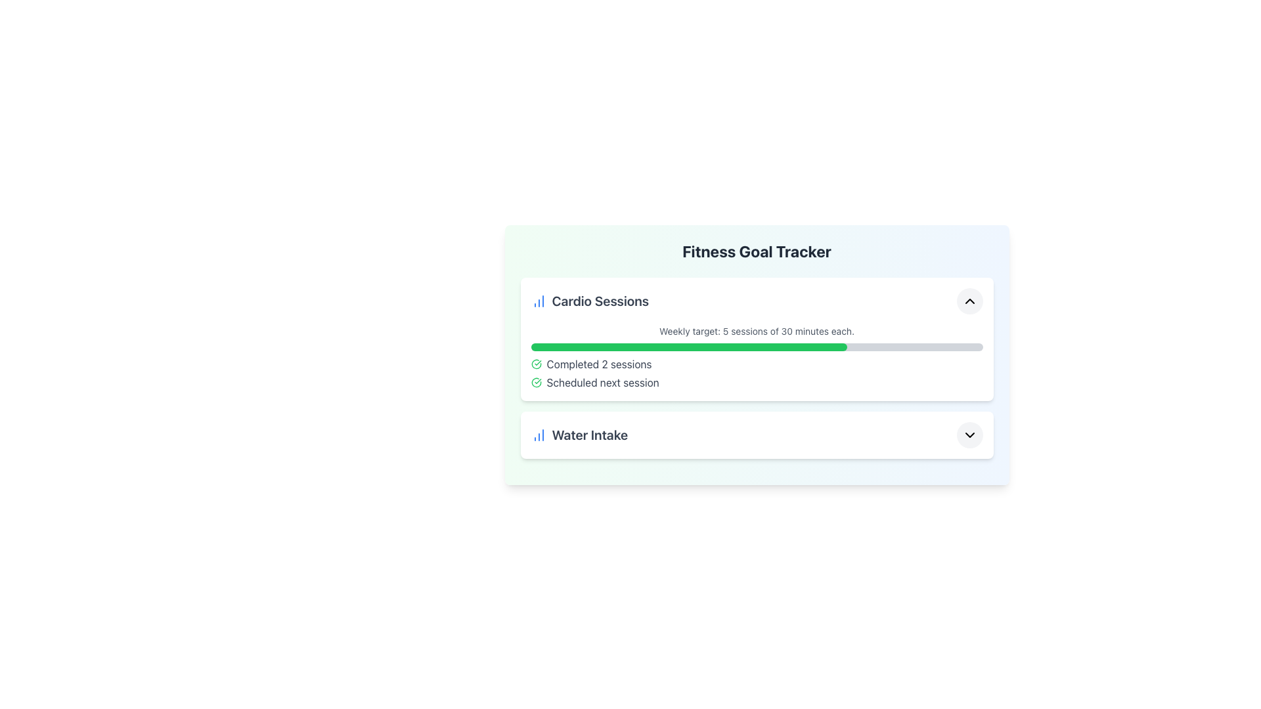 The height and width of the screenshot is (709, 1261). What do you see at coordinates (536, 382) in the screenshot?
I see `the small circular icon with a green checkmark in the 'Scheduled next session' section of 'Cardio Sessions'` at bounding box center [536, 382].